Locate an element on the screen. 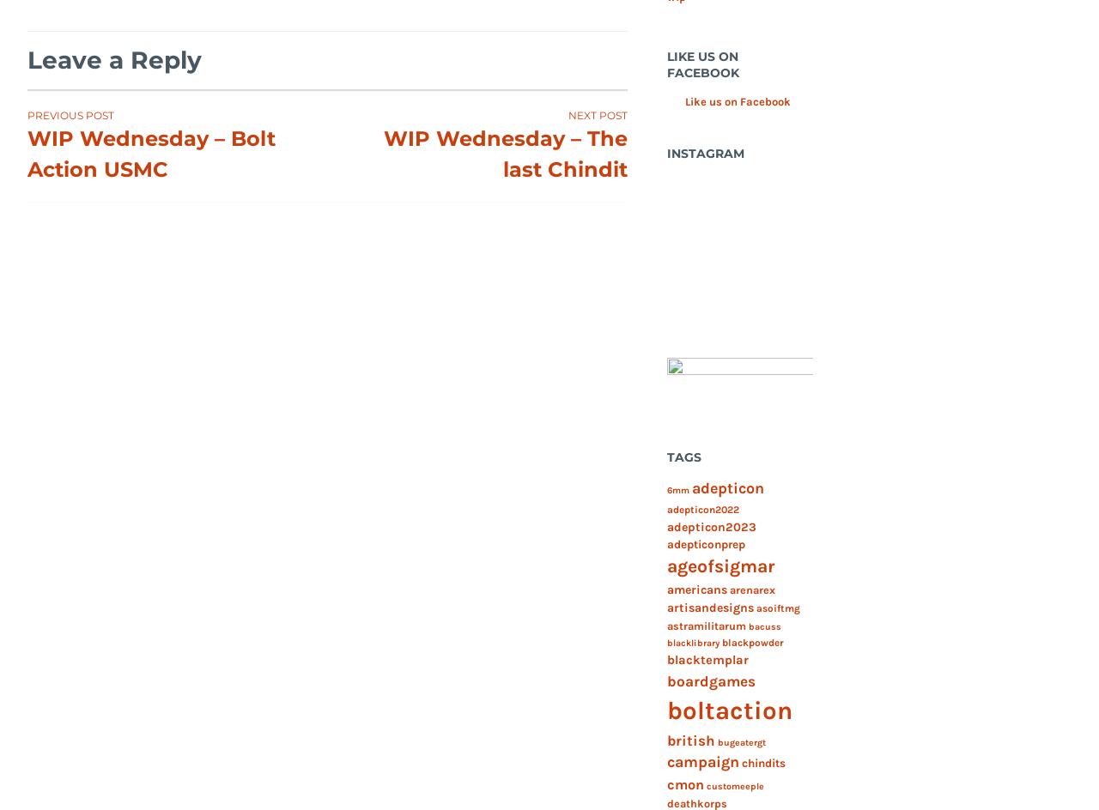  'british' is located at coordinates (689, 739).